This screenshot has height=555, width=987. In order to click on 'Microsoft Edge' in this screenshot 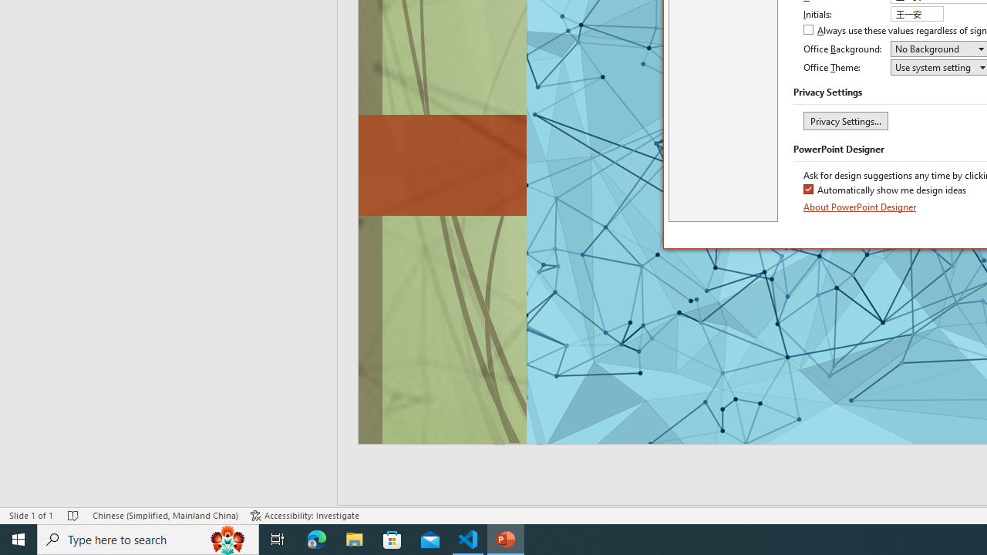, I will do `click(316, 538)`.